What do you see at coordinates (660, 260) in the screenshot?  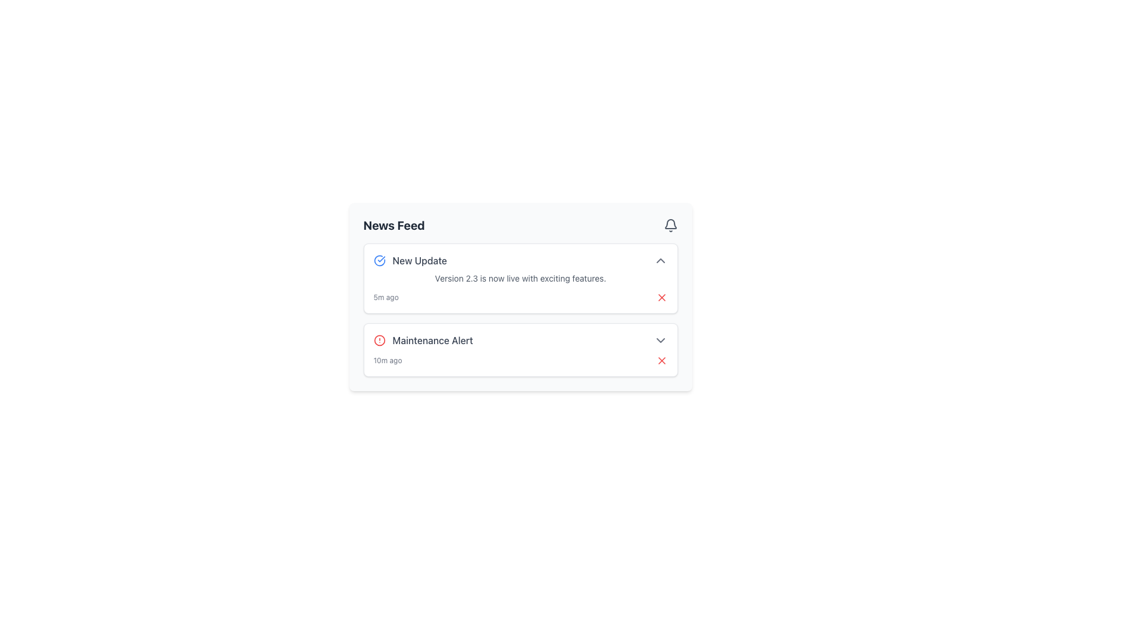 I see `the button in the top right corner of the 'New Update' card` at bounding box center [660, 260].